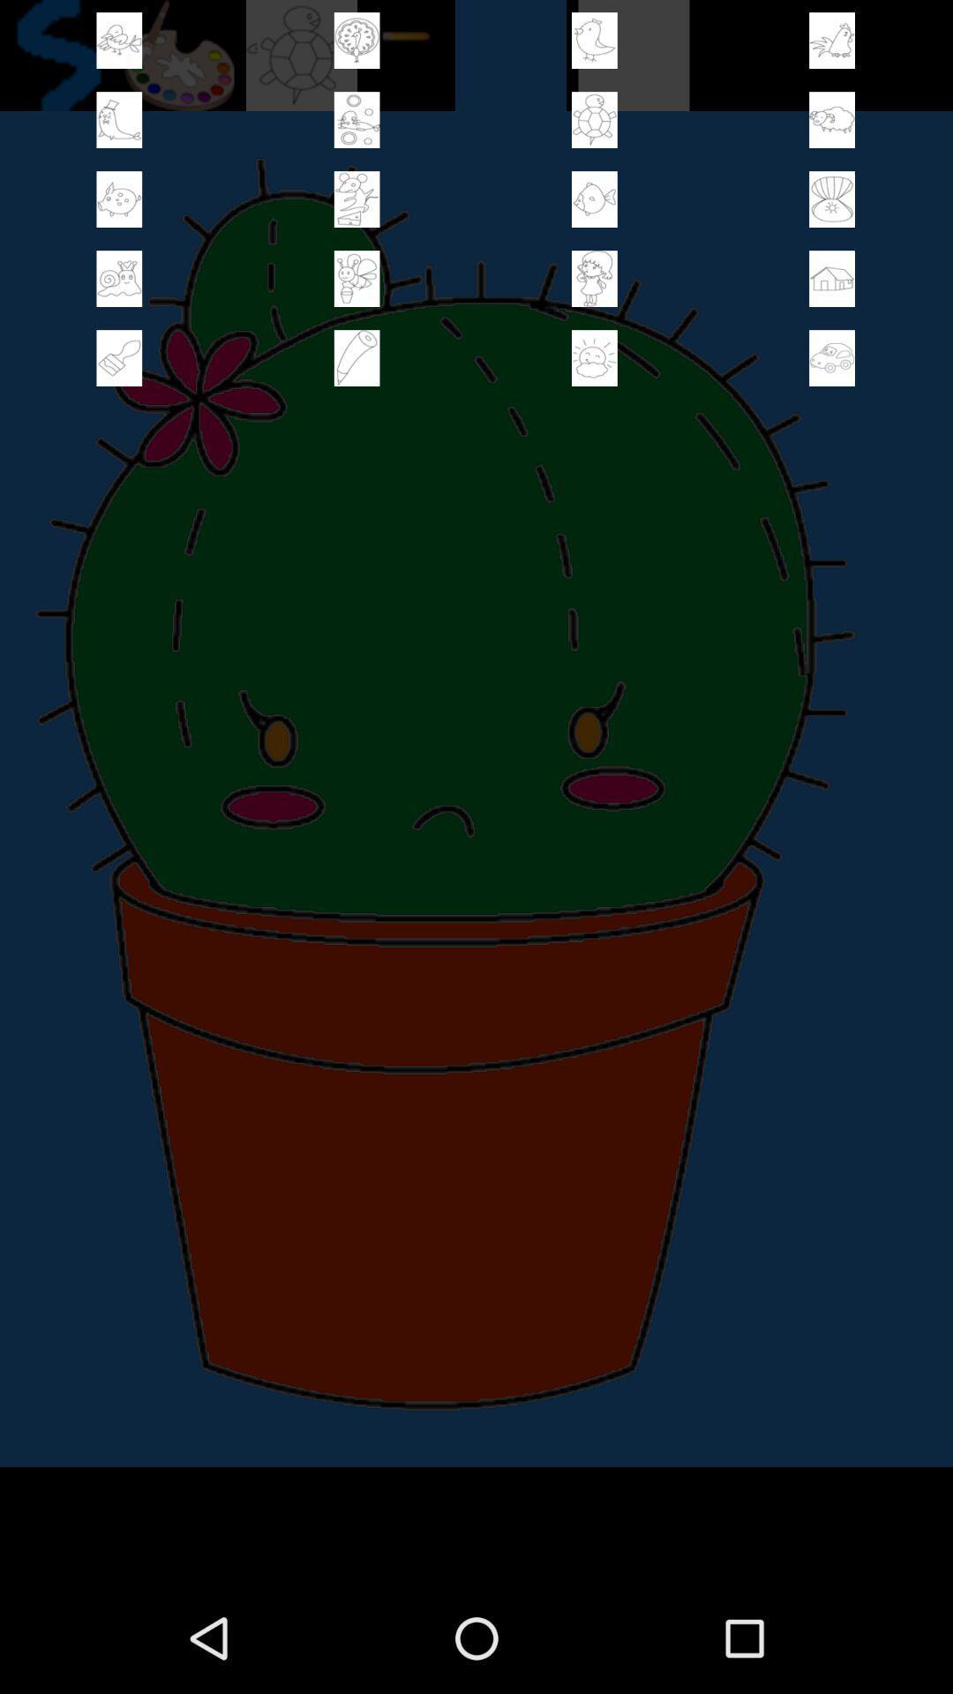 Image resolution: width=953 pixels, height=1694 pixels. I want to click on draw, so click(356, 357).